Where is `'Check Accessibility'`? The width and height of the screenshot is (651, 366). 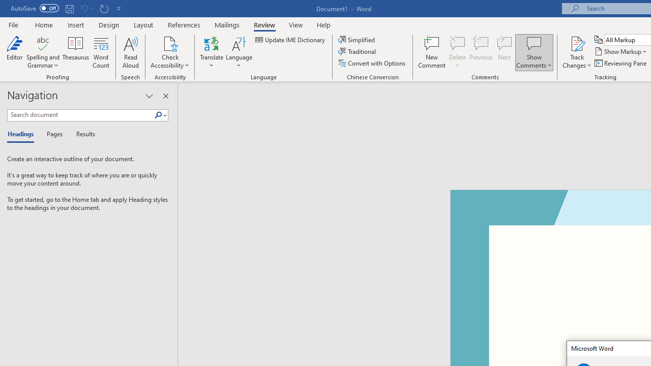
'Check Accessibility' is located at coordinates (170, 52).